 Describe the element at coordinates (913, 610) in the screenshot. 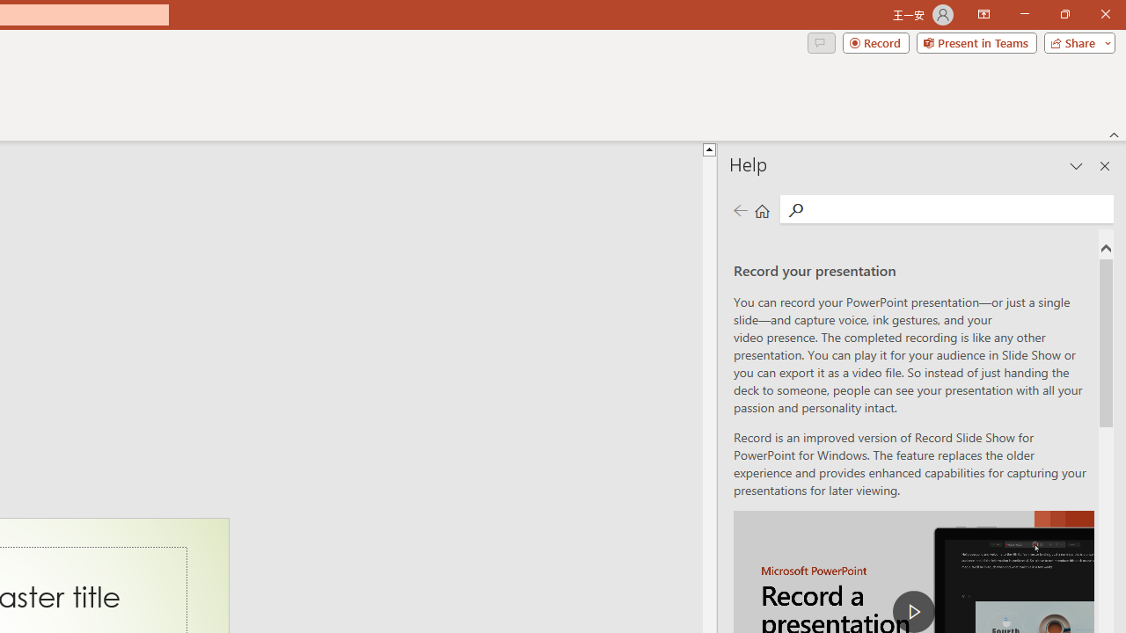

I see `'play Record a Presentation'` at that location.